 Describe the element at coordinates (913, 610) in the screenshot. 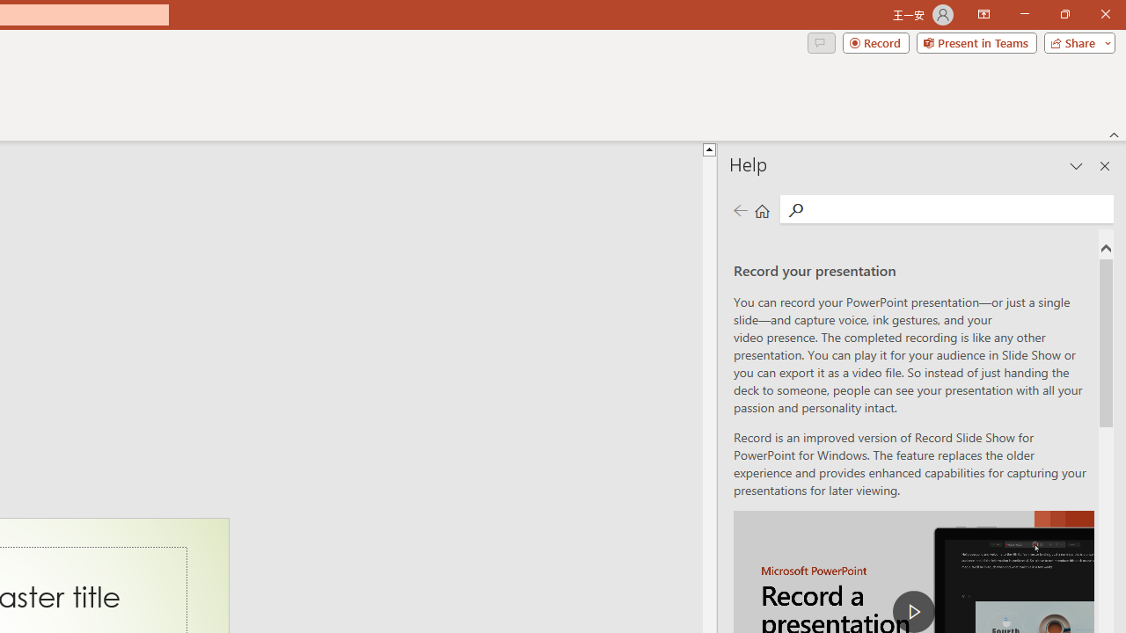

I see `'play Record a Presentation'` at that location.